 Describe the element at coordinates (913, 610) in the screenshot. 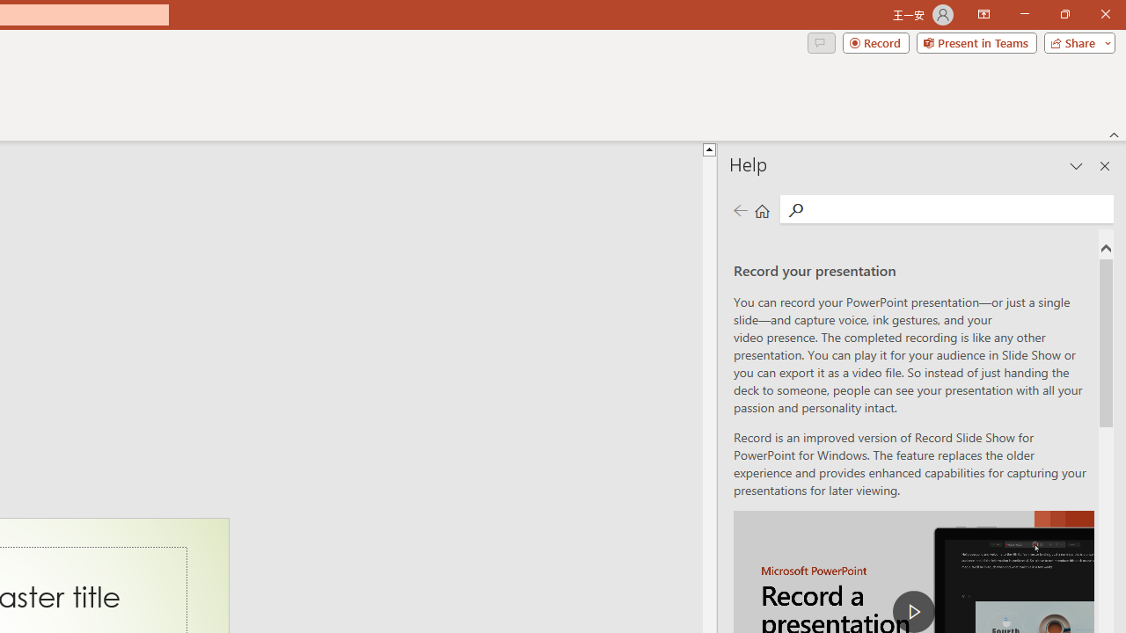

I see `'play Record a Presentation'` at that location.